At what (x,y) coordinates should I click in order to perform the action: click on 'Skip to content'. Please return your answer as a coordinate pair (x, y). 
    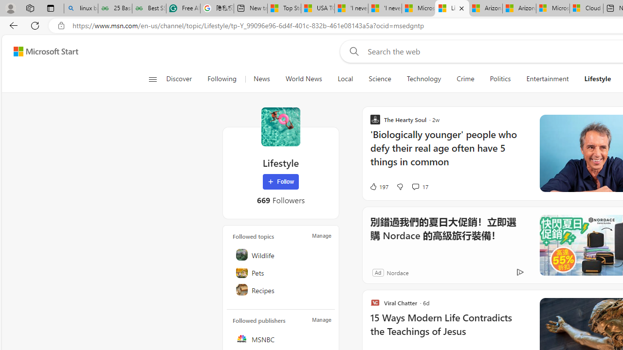
    Looking at the image, I should click on (42, 51).